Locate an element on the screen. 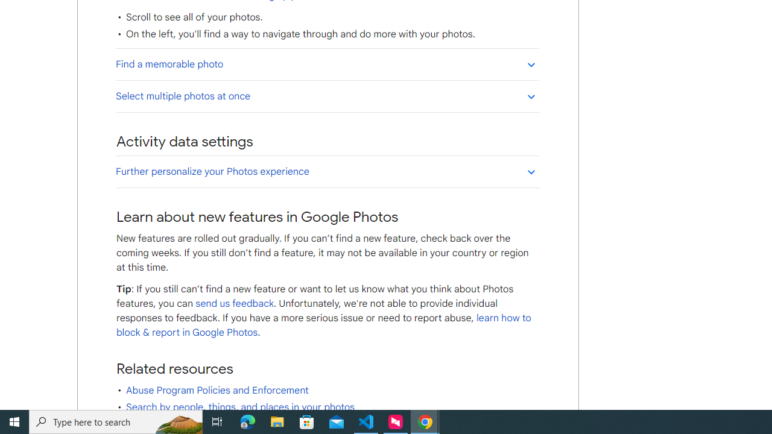 Image resolution: width=772 pixels, height=434 pixels. 'Find a memorable photo' is located at coordinates (327, 64).